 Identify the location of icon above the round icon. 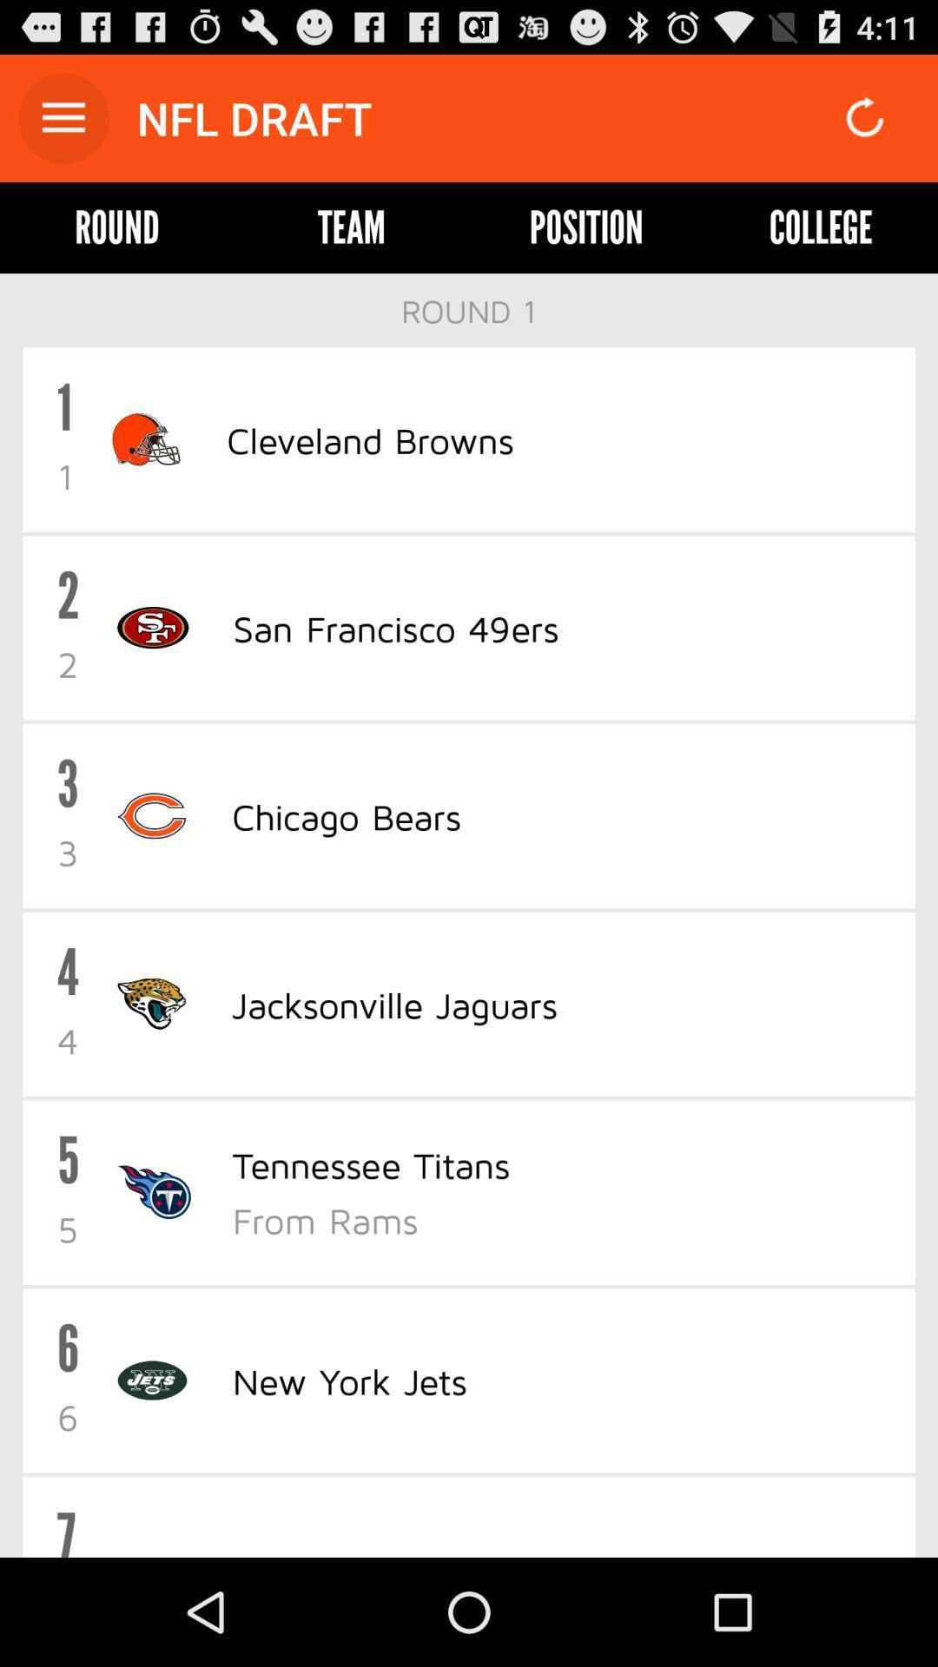
(63, 117).